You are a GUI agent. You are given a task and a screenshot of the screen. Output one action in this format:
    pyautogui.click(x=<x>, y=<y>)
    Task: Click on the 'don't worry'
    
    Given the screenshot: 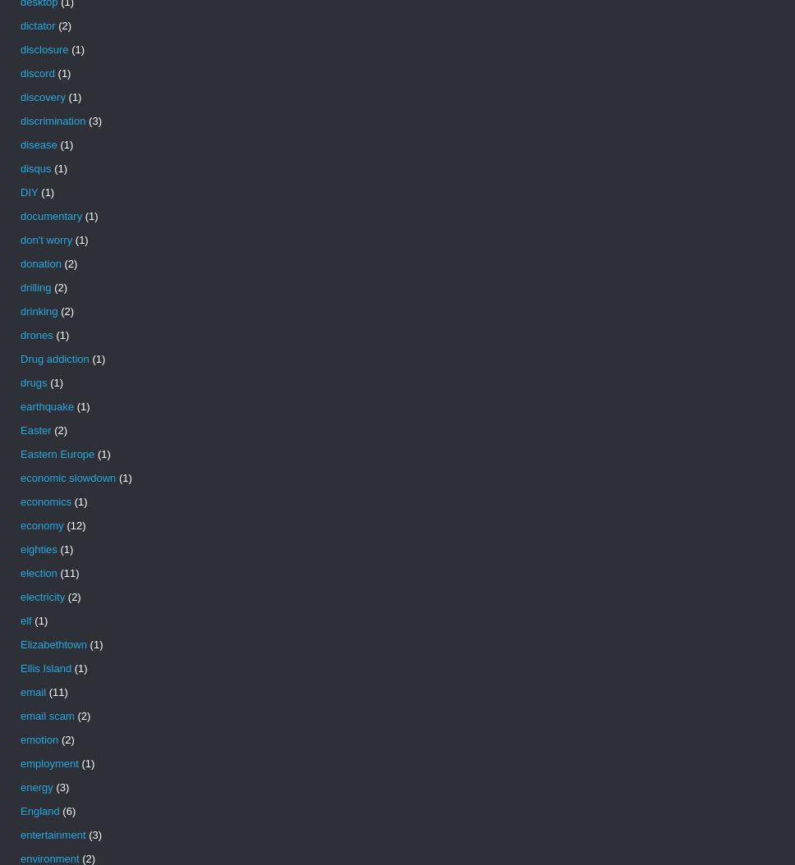 What is the action you would take?
    pyautogui.click(x=45, y=239)
    